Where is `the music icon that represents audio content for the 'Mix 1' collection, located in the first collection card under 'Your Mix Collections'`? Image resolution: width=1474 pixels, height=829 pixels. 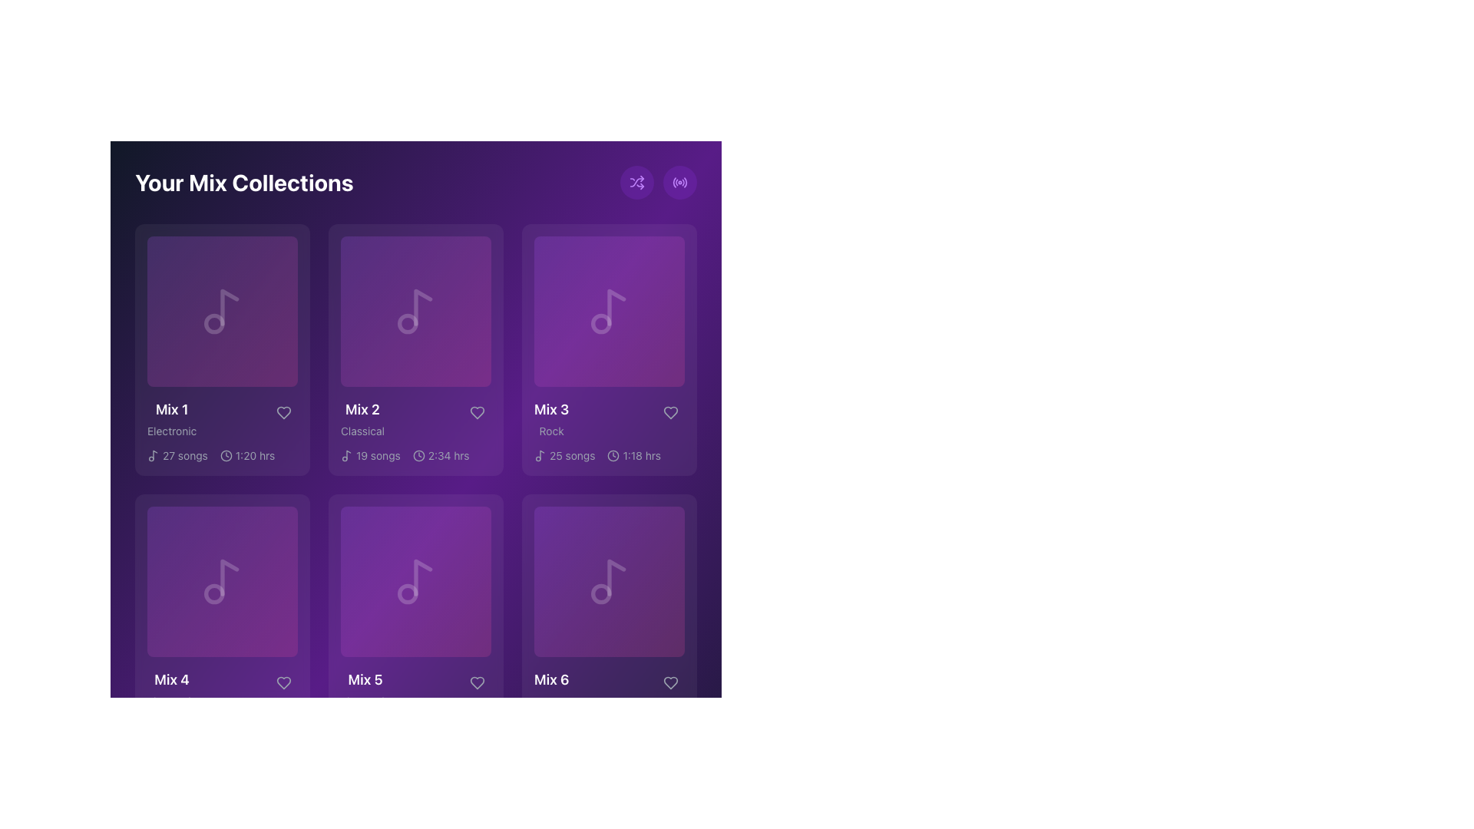 the music icon that represents audio content for the 'Mix 1' collection, located in the first collection card under 'Your Mix Collections' is located at coordinates (221, 311).